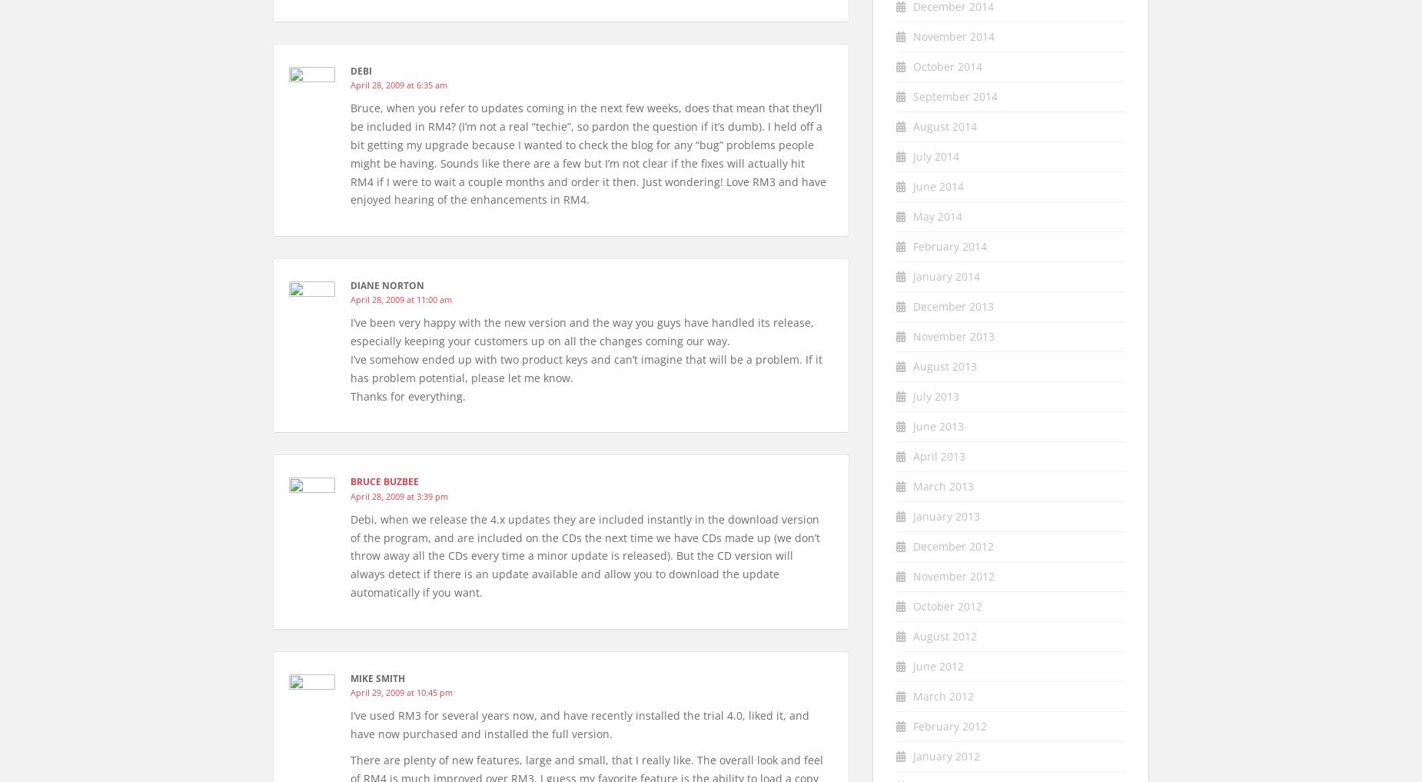  What do you see at coordinates (937, 215) in the screenshot?
I see `'May 2014'` at bounding box center [937, 215].